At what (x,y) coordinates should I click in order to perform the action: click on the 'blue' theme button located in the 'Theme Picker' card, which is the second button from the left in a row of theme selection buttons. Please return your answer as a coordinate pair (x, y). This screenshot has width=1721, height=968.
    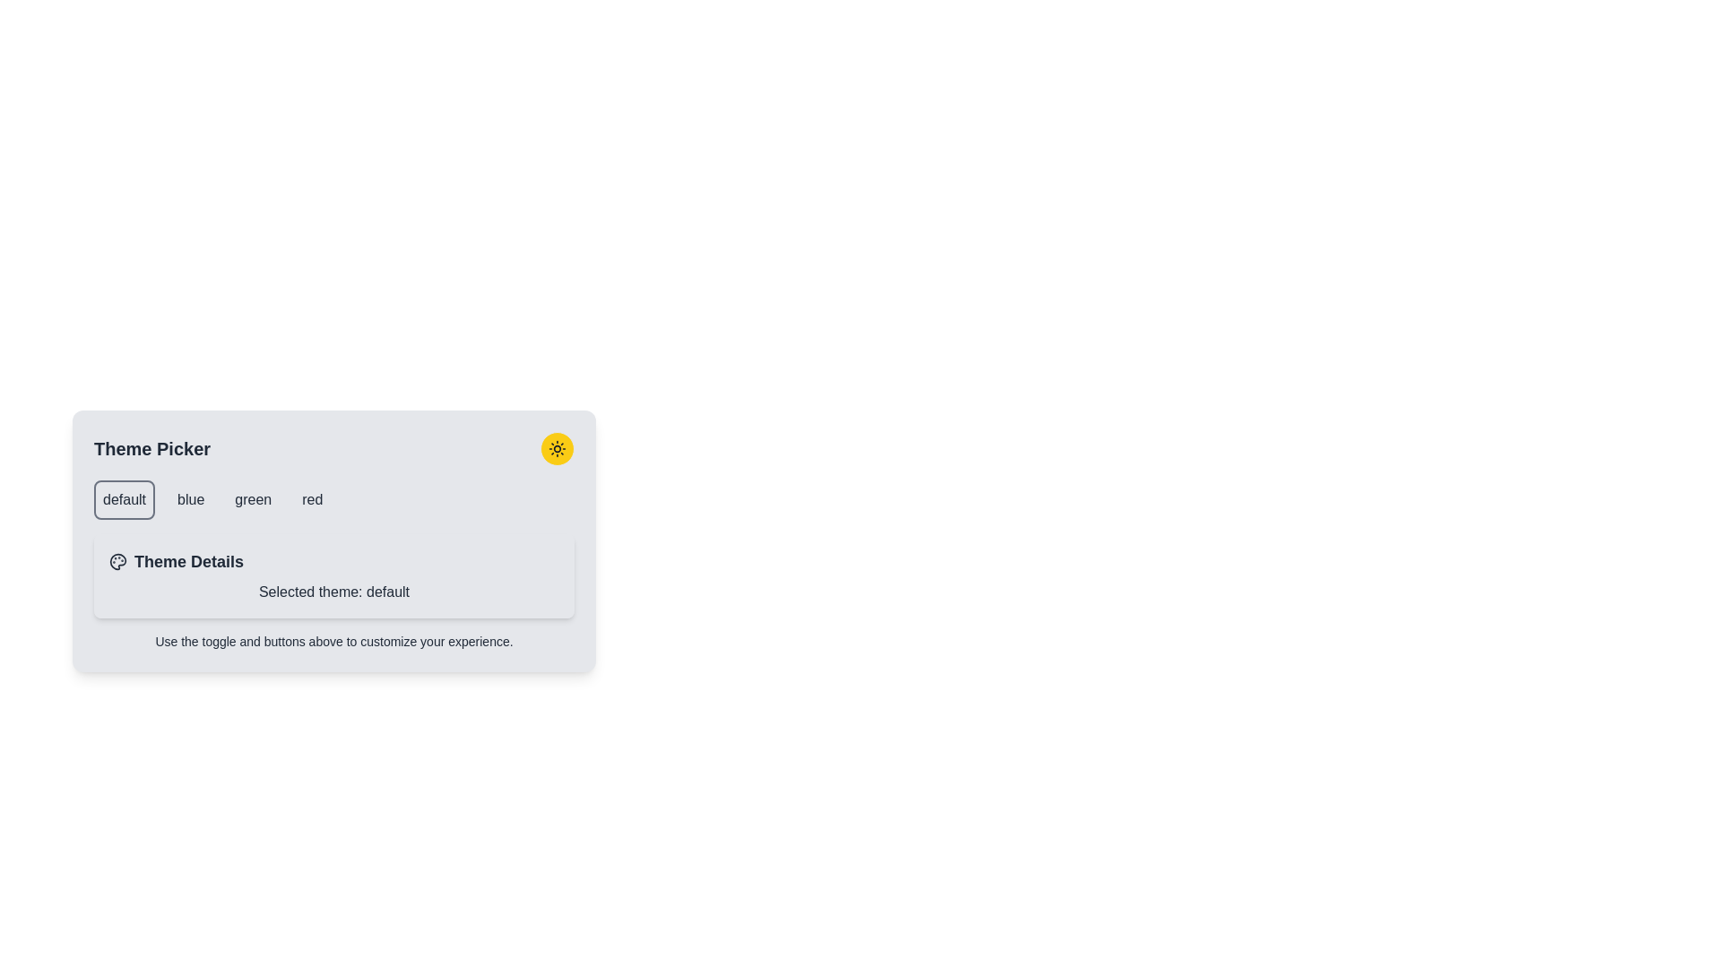
    Looking at the image, I should click on (191, 500).